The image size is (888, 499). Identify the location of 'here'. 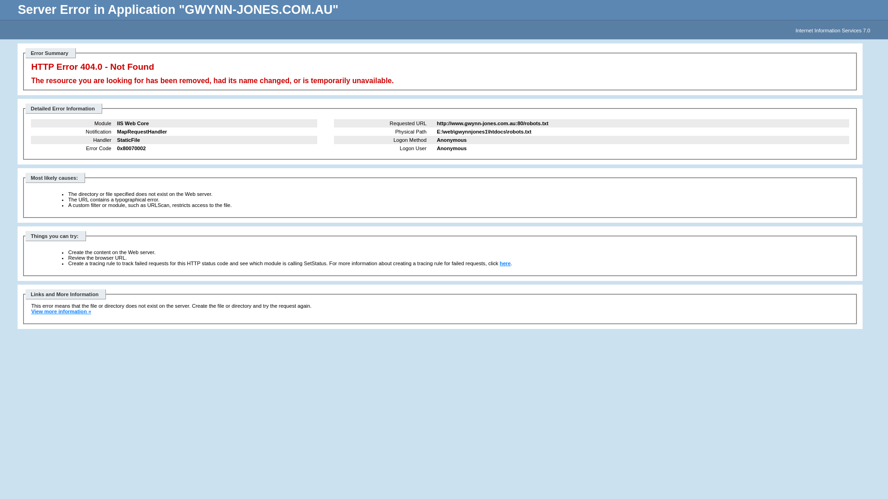
(505, 263).